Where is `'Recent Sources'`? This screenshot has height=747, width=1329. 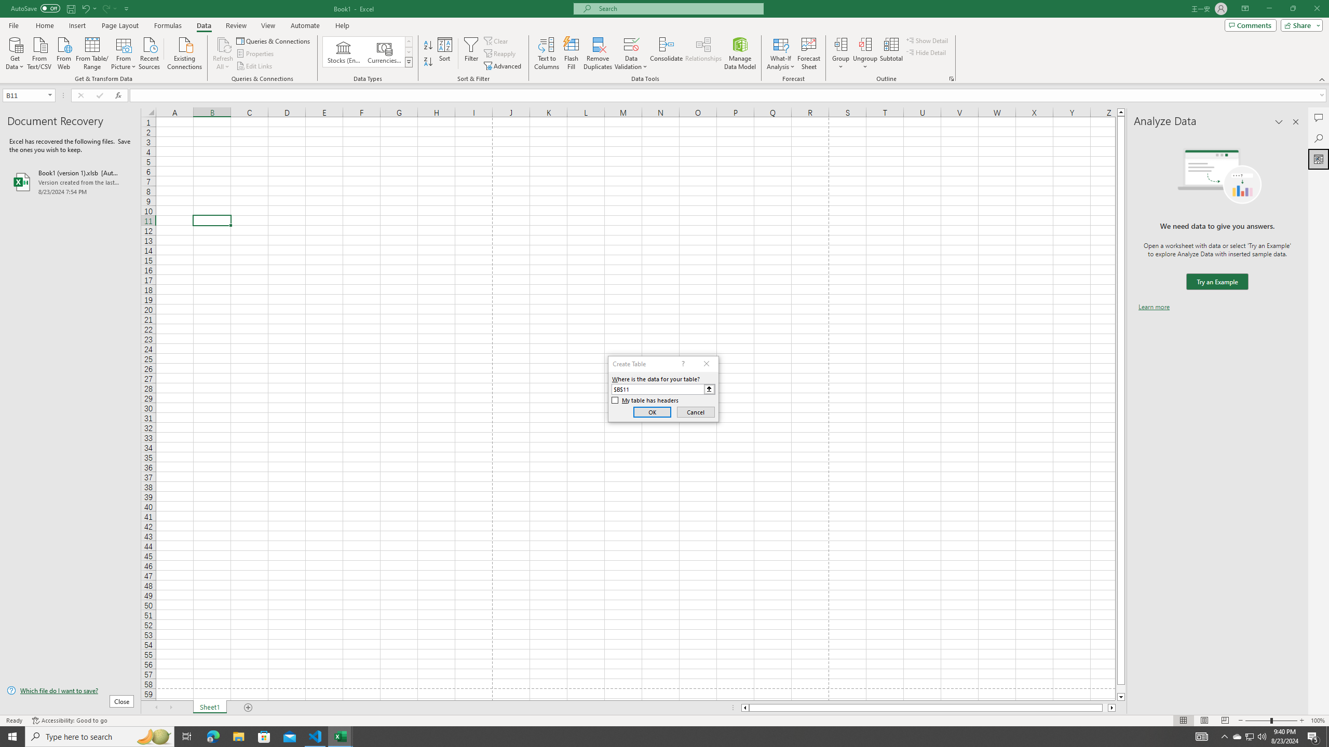 'Recent Sources' is located at coordinates (150, 52).